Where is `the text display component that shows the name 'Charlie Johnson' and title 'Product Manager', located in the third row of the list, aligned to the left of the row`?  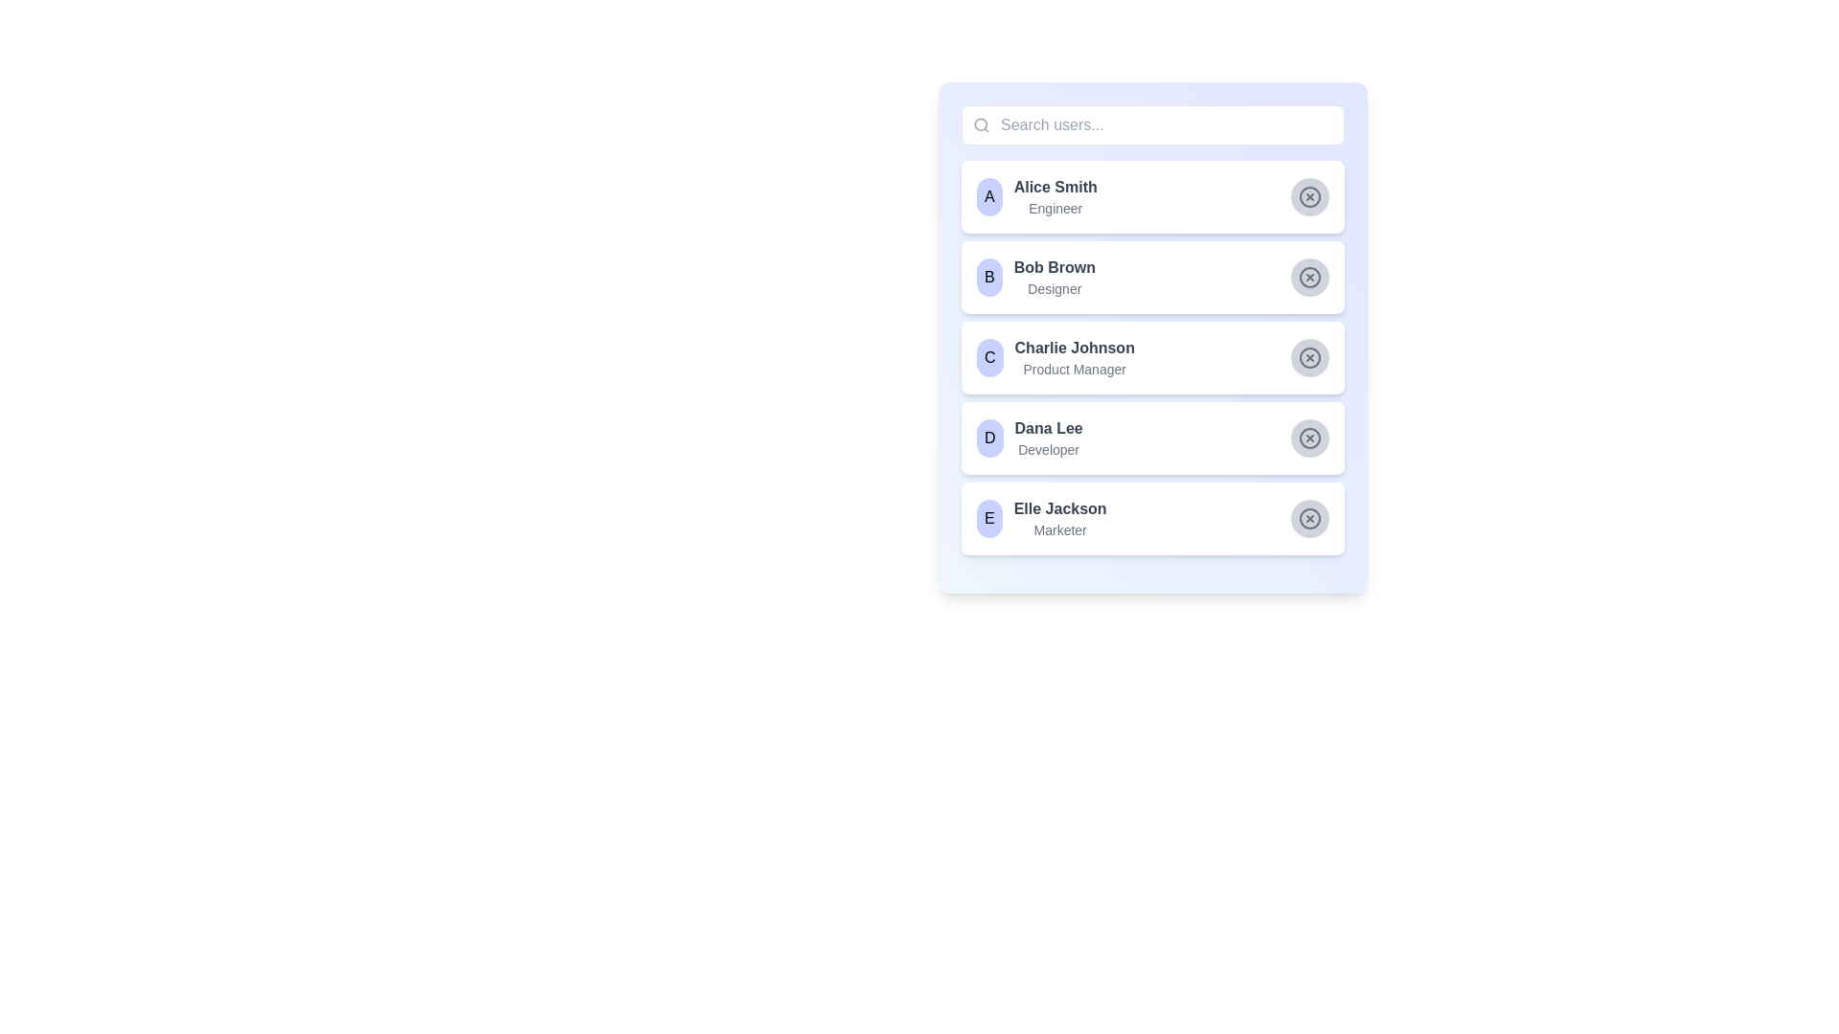
the text display component that shows the name 'Charlie Johnson' and title 'Product Manager', located in the third row of the list, aligned to the left of the row is located at coordinates (1075, 358).